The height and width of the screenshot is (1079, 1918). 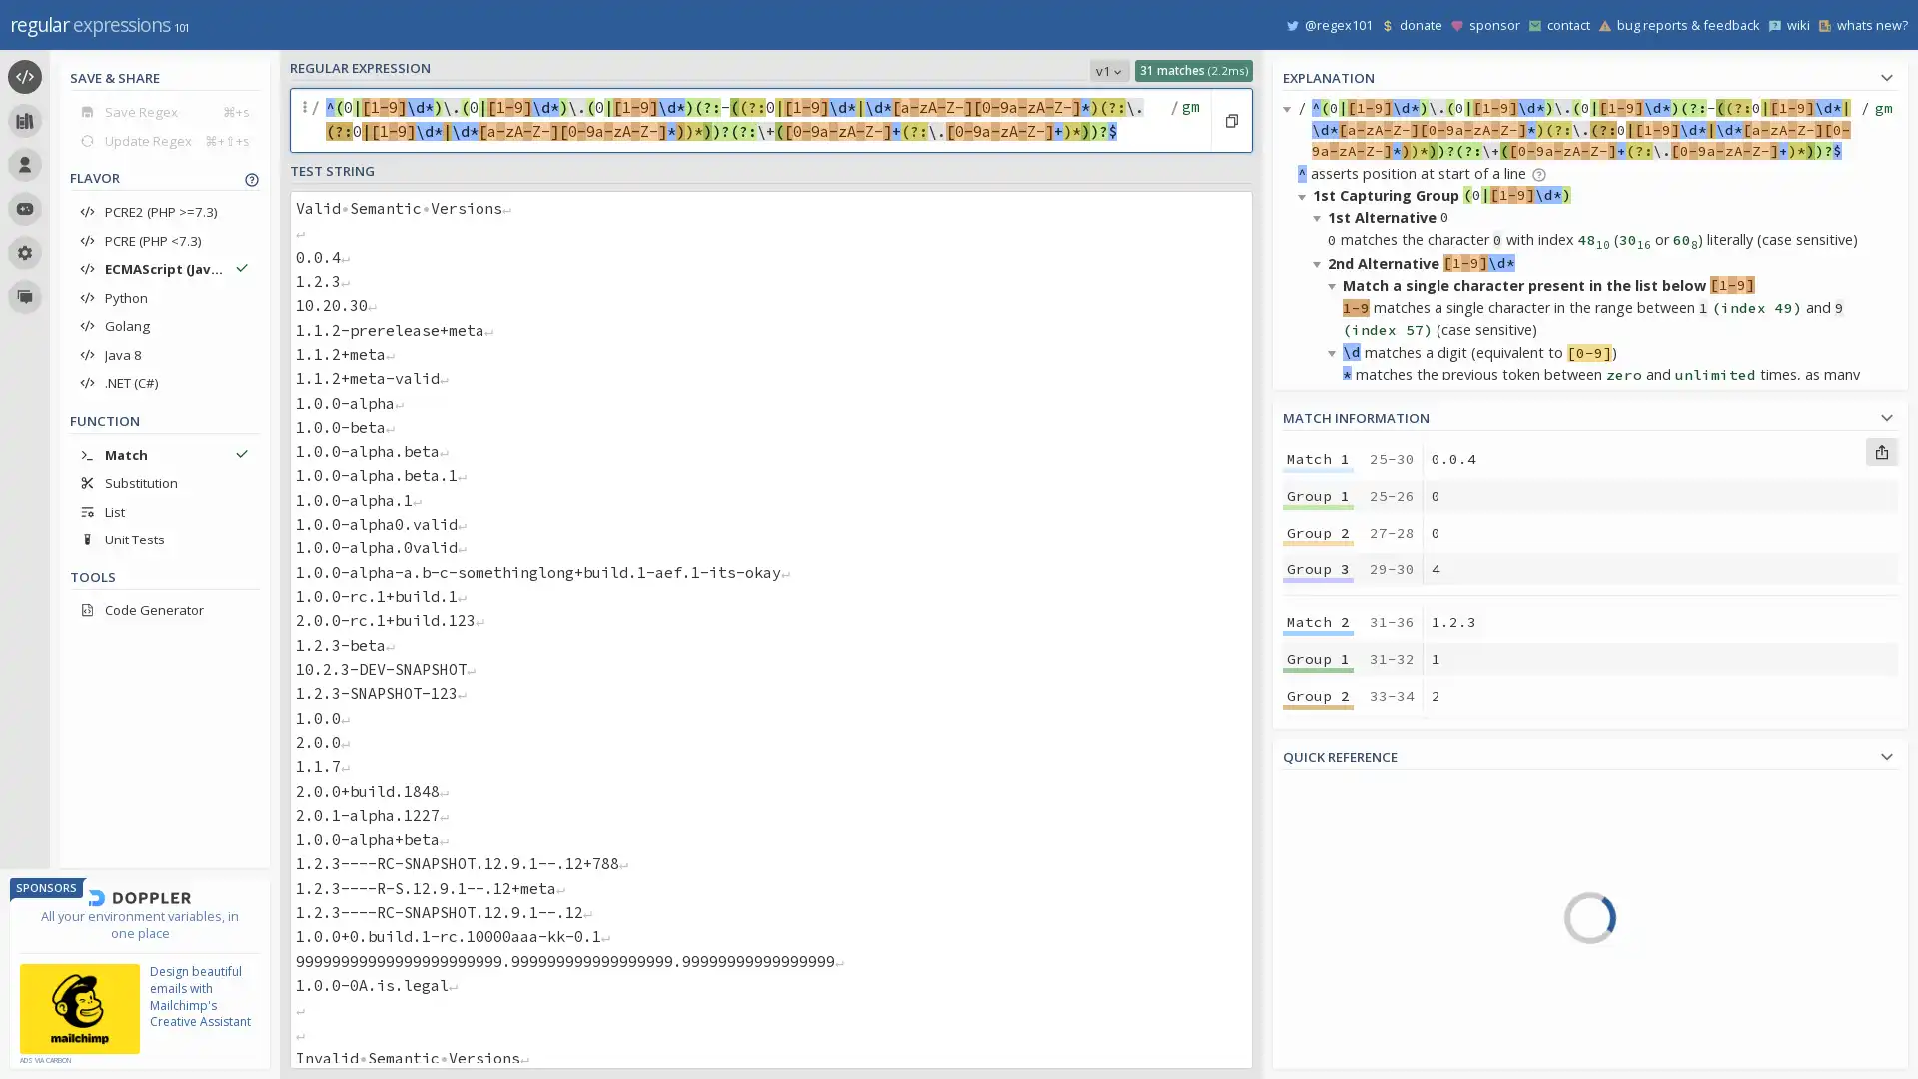 I want to click on Group 3, so click(x=1318, y=569).